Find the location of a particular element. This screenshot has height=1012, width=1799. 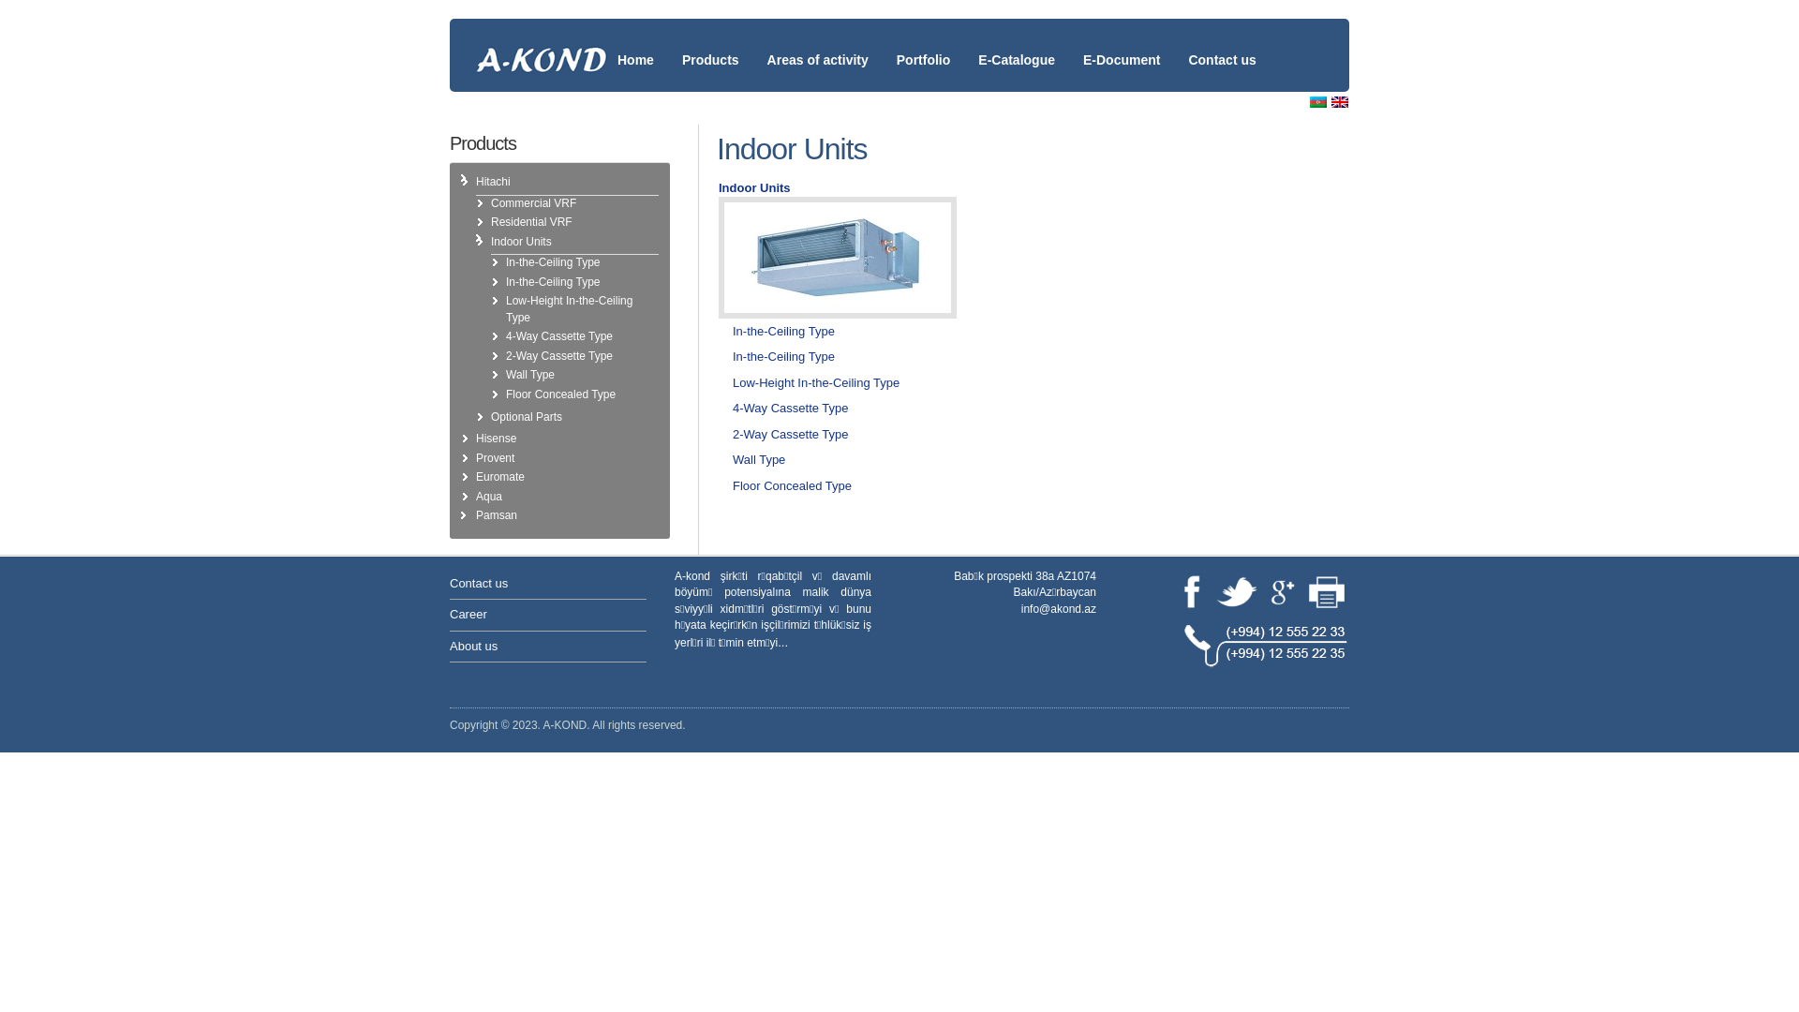

'Floor Concealed Type' is located at coordinates (559, 393).